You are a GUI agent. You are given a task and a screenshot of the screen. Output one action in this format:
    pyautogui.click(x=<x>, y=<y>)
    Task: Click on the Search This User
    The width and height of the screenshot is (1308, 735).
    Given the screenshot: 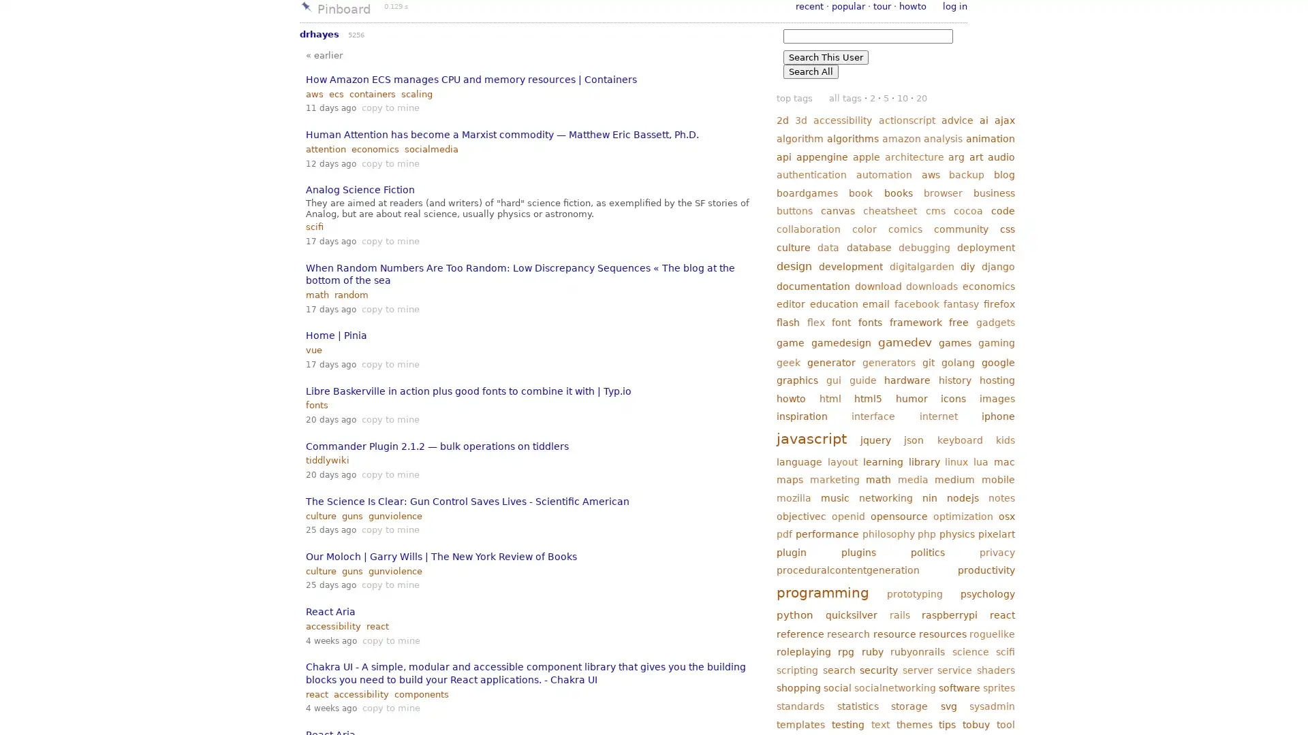 What is the action you would take?
    pyautogui.click(x=825, y=56)
    